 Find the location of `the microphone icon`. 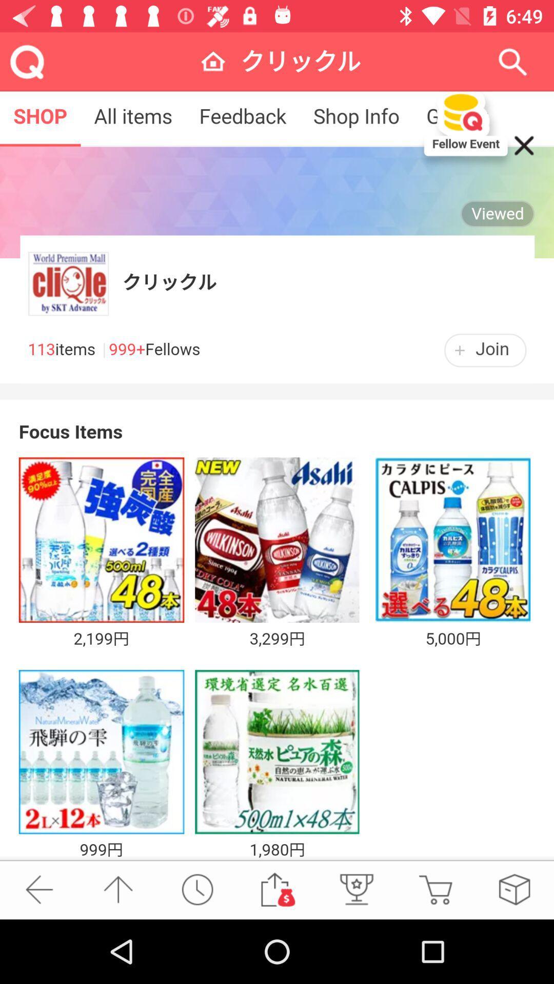

the microphone icon is located at coordinates (355, 889).